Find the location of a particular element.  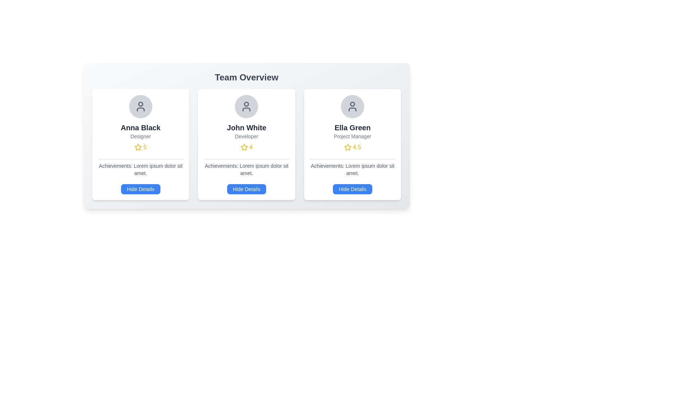

the static text label displaying 'Designer' located below 'Anna Black' and above the star rating is located at coordinates (140, 136).